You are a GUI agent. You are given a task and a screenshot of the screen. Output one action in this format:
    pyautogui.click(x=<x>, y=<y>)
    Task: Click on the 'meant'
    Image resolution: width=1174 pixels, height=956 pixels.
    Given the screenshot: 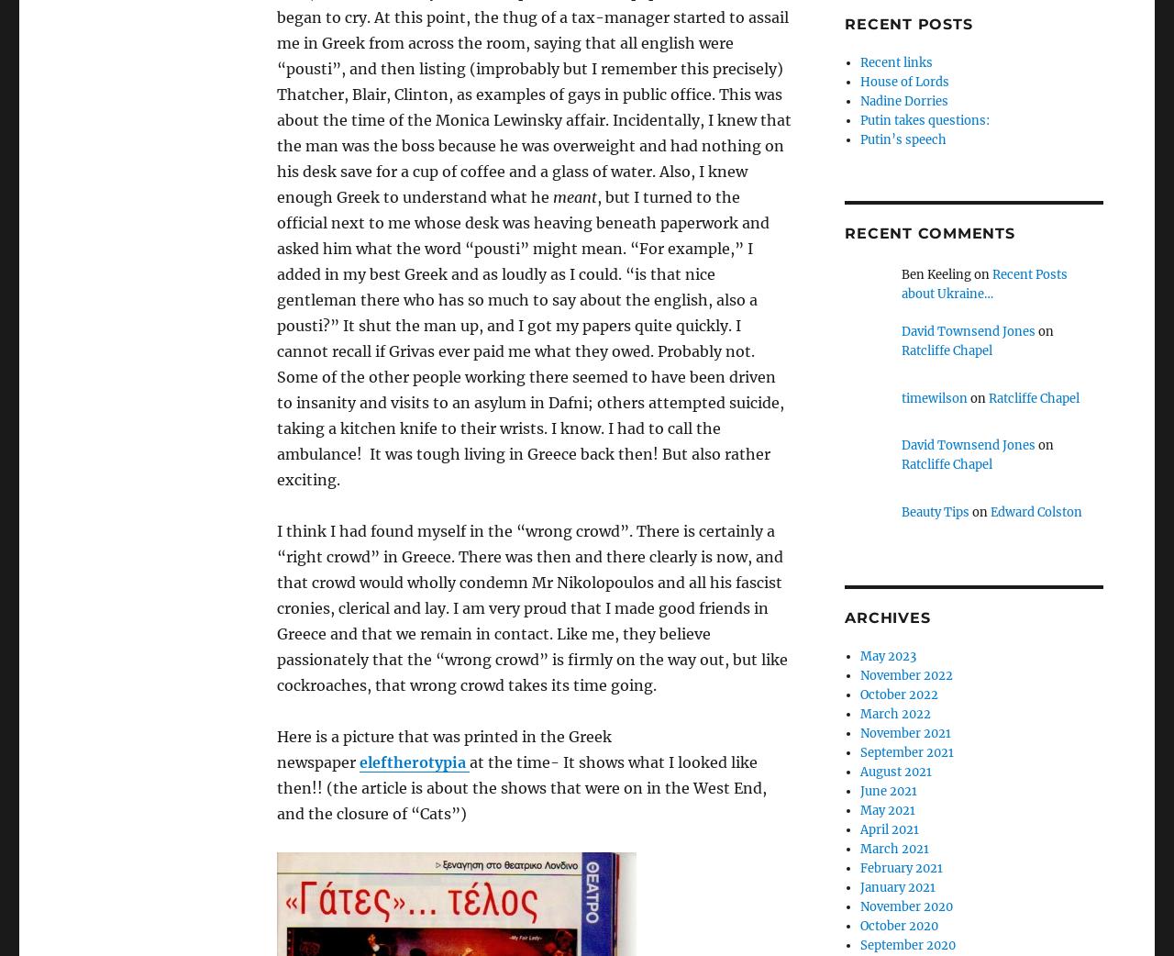 What is the action you would take?
    pyautogui.click(x=573, y=195)
    